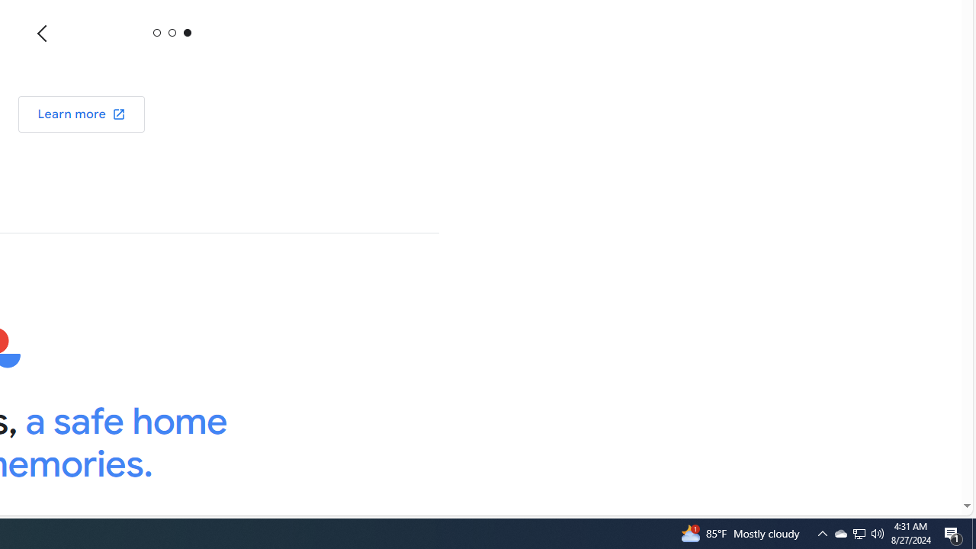 The image size is (976, 549). I want to click on '2', so click(186, 32).